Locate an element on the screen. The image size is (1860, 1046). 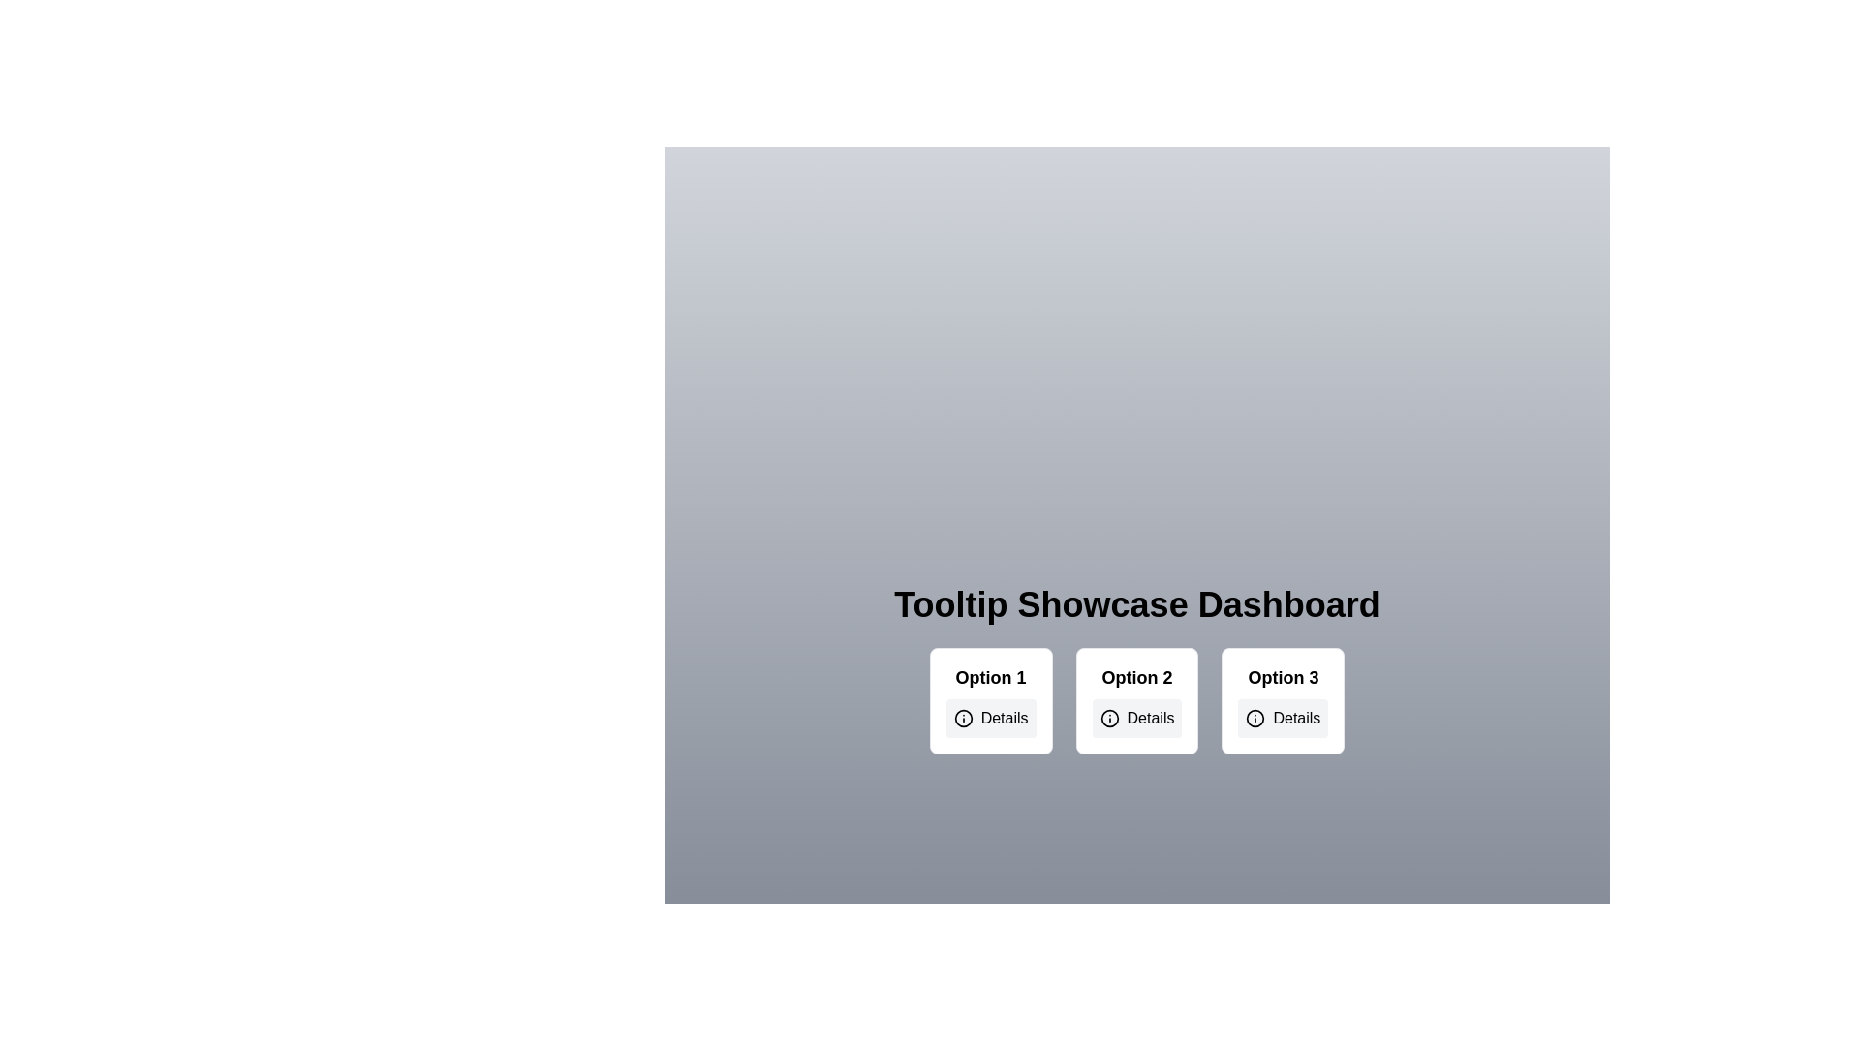
the help icon located in the third option button from the left under the 'Tooltip Showcase Dashboard', positioned to the left of the 'Details' text is located at coordinates (1255, 718).